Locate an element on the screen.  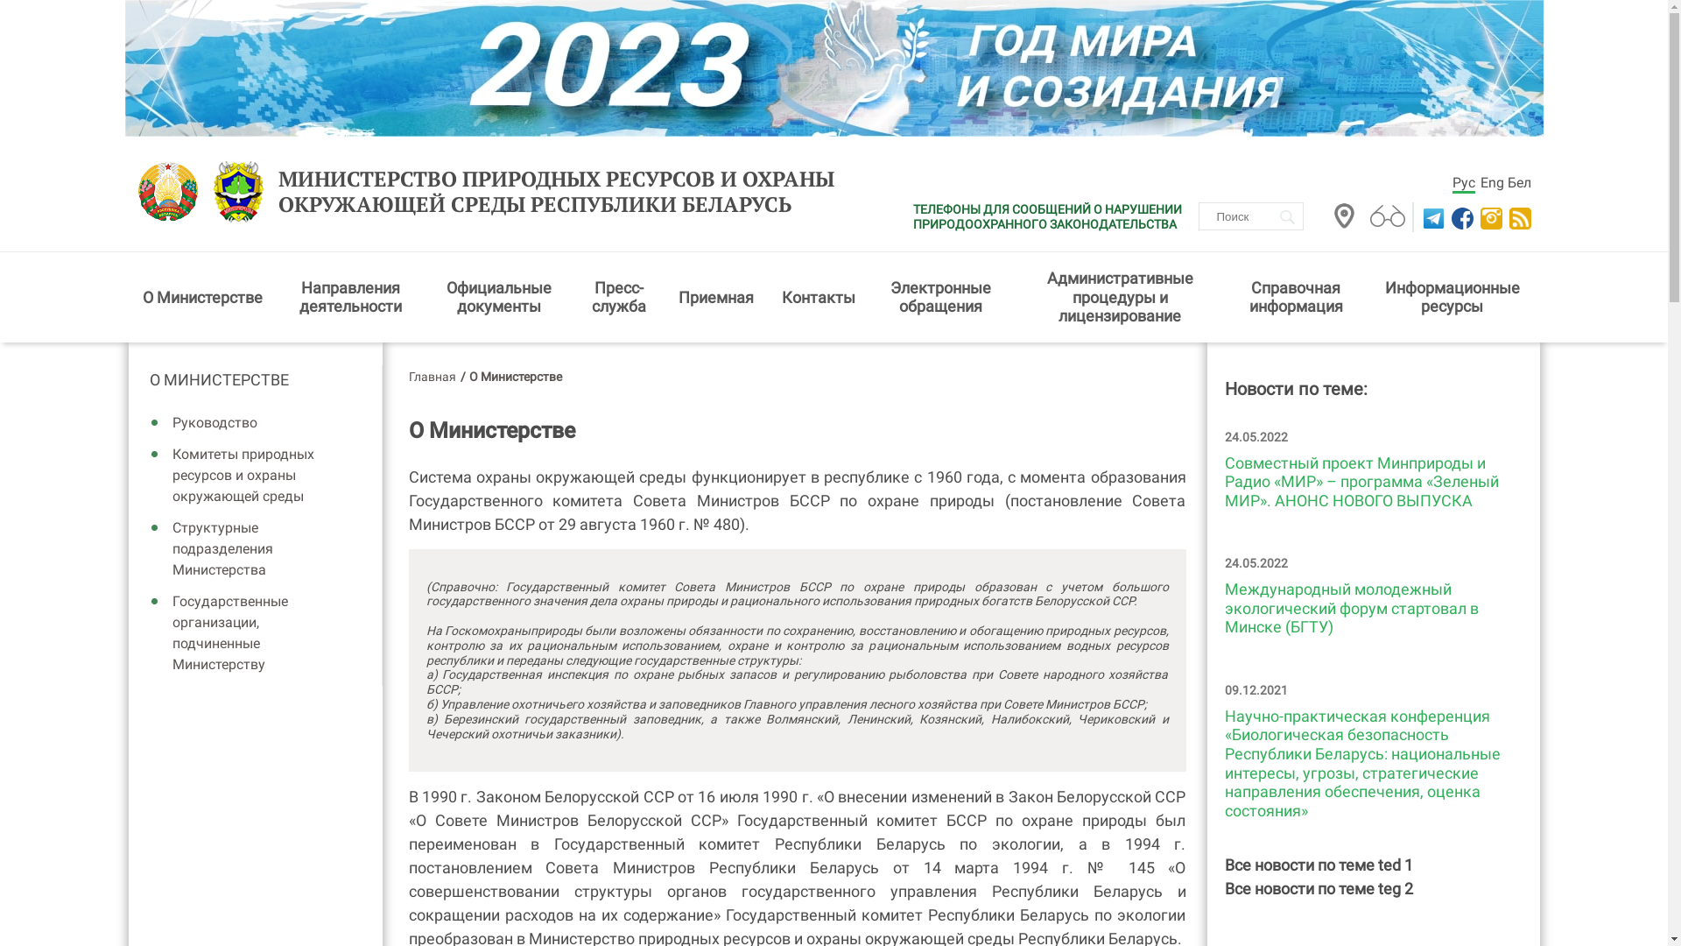
'Eng' is located at coordinates (1490, 182).